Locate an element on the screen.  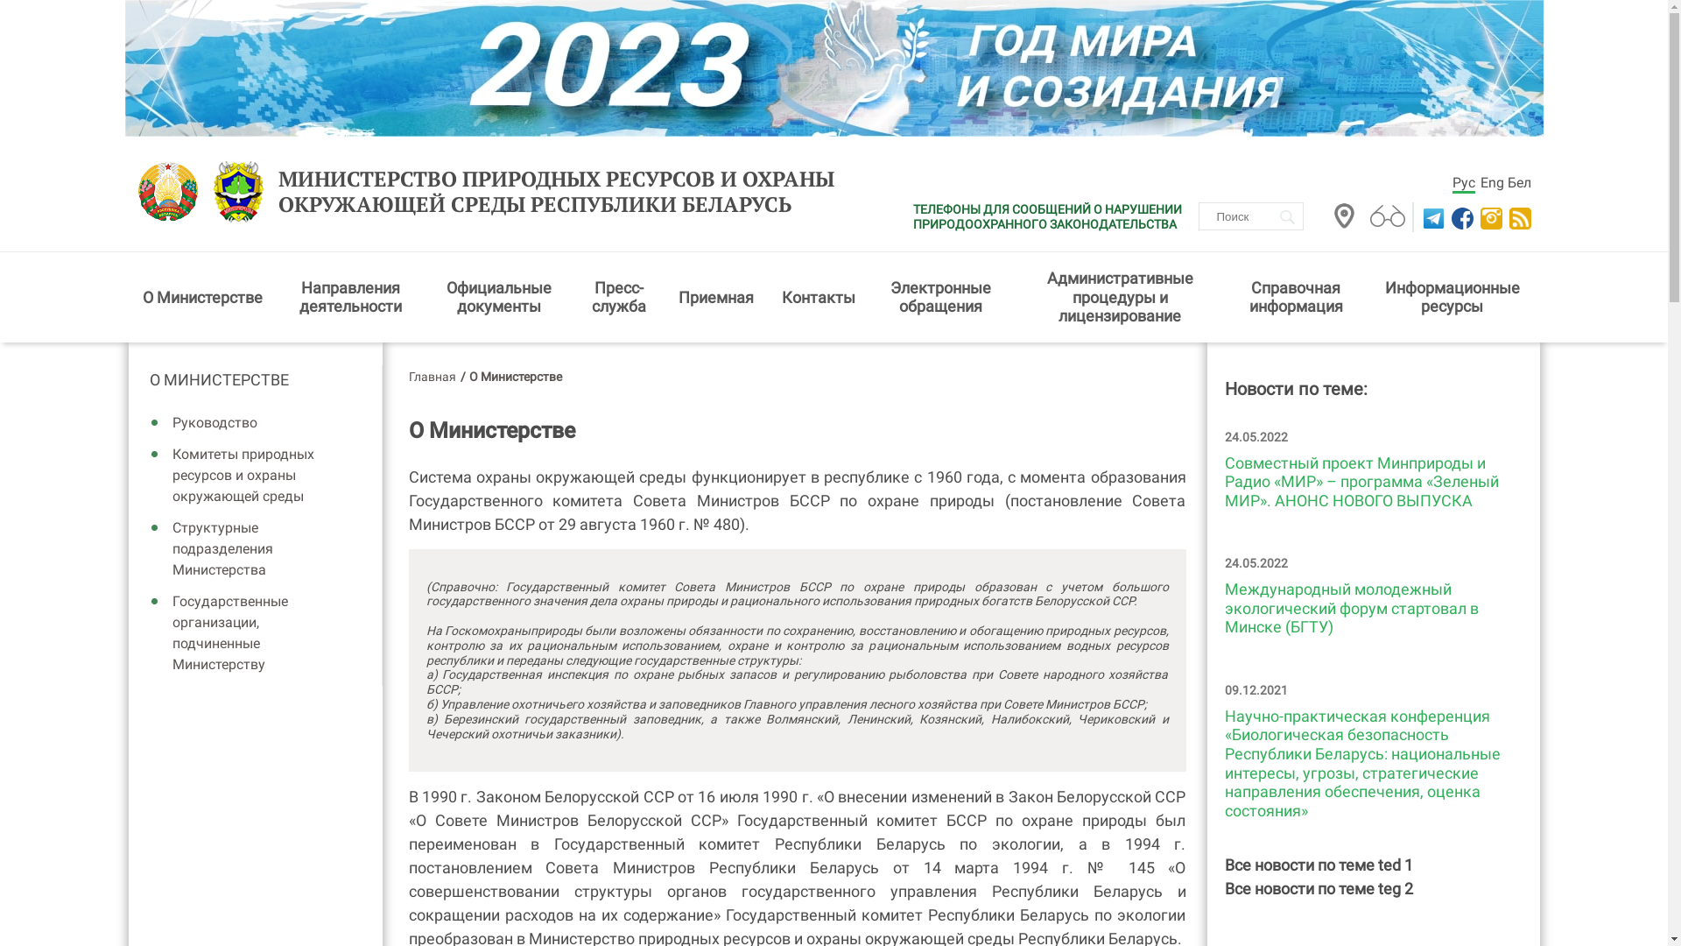
'Eng' is located at coordinates (1490, 182).